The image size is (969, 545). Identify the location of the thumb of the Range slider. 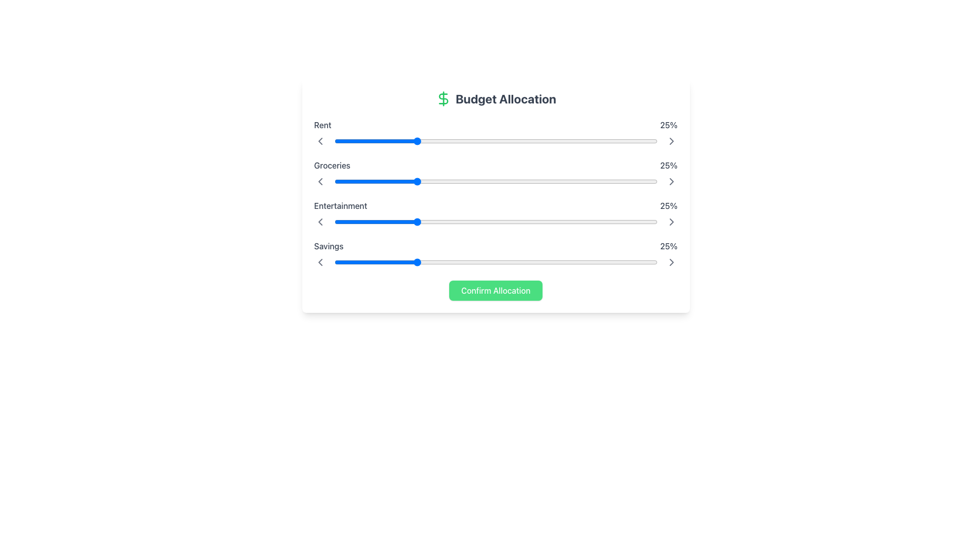
(496, 262).